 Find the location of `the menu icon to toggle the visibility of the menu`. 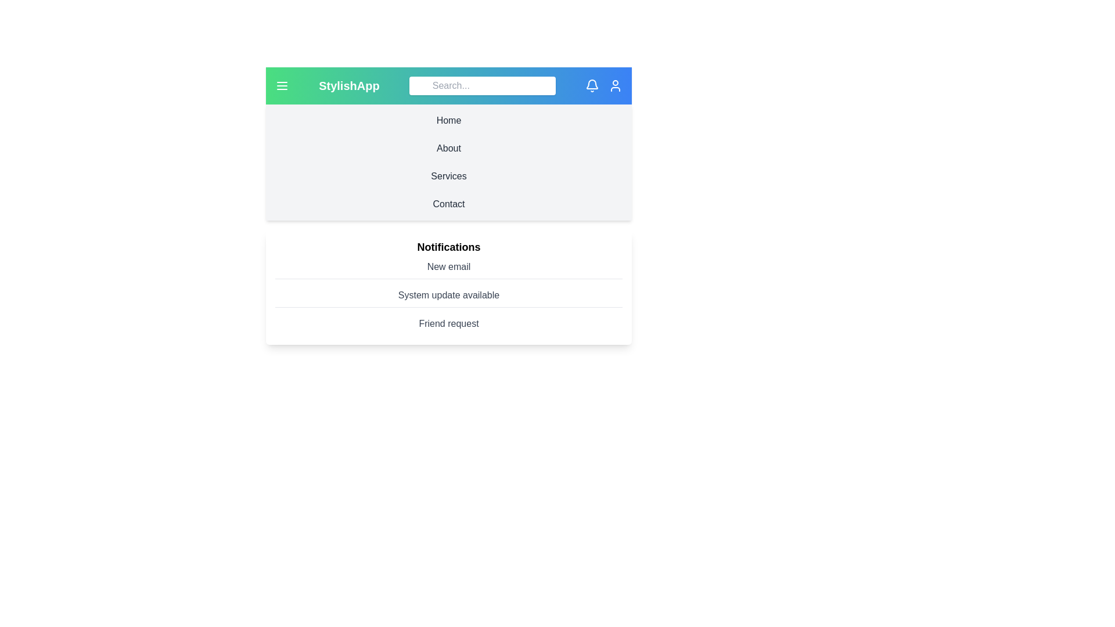

the menu icon to toggle the visibility of the menu is located at coordinates (282, 85).